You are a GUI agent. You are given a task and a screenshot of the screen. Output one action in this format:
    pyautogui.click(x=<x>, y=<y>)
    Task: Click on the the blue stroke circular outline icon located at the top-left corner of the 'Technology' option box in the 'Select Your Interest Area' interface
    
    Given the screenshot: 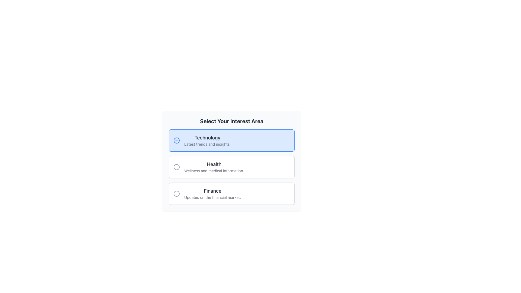 What is the action you would take?
    pyautogui.click(x=177, y=140)
    